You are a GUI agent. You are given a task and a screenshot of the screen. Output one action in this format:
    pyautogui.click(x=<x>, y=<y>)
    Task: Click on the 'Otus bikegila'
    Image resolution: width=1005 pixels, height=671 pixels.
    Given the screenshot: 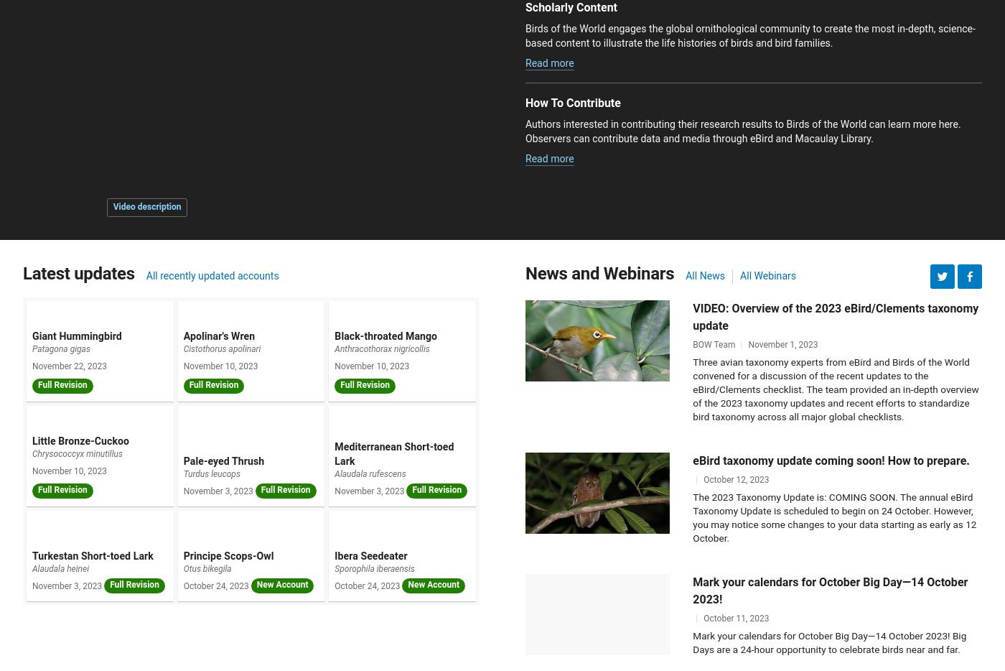 What is the action you would take?
    pyautogui.click(x=207, y=568)
    